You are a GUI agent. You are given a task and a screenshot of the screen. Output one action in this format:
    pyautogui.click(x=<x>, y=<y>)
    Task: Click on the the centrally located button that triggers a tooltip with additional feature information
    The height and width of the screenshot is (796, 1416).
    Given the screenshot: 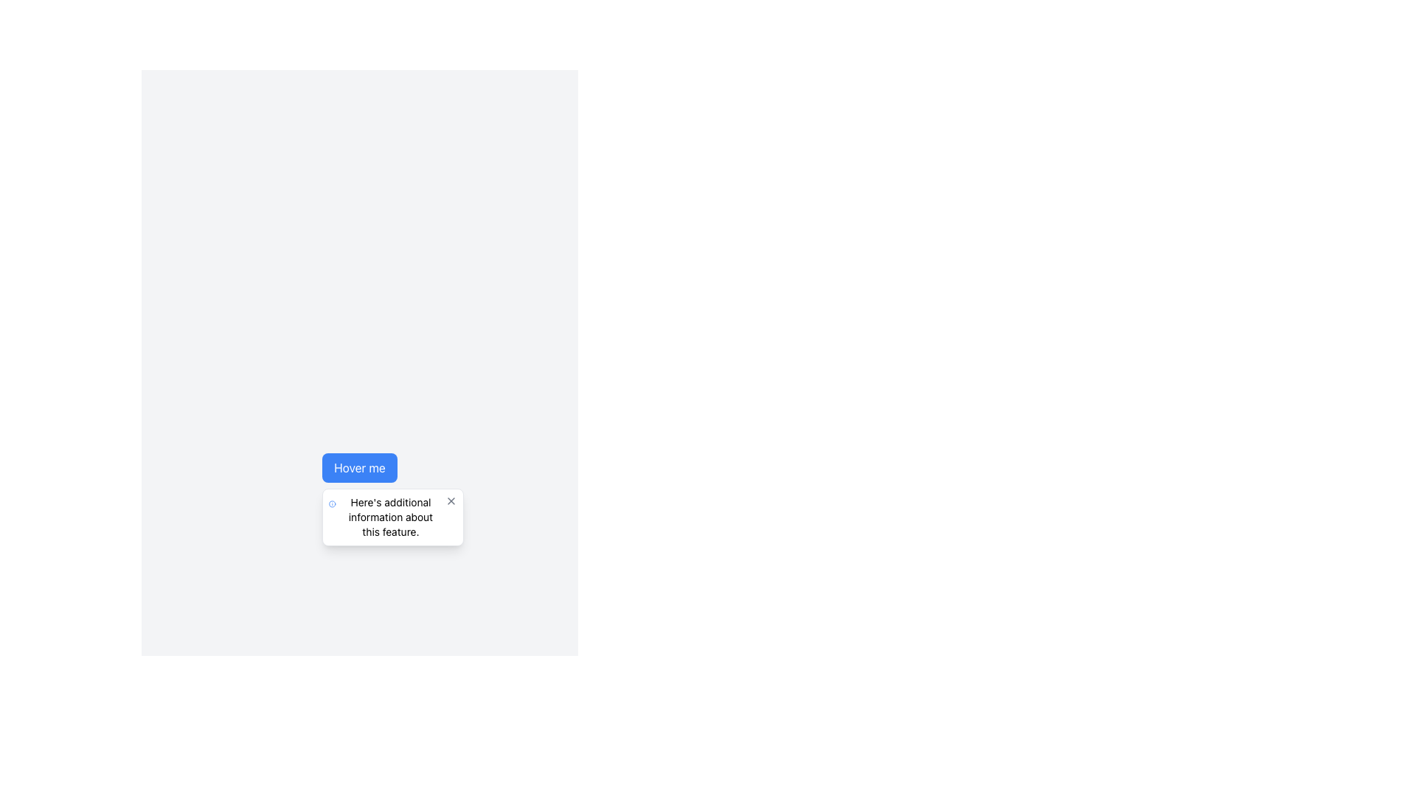 What is the action you would take?
    pyautogui.click(x=360, y=468)
    